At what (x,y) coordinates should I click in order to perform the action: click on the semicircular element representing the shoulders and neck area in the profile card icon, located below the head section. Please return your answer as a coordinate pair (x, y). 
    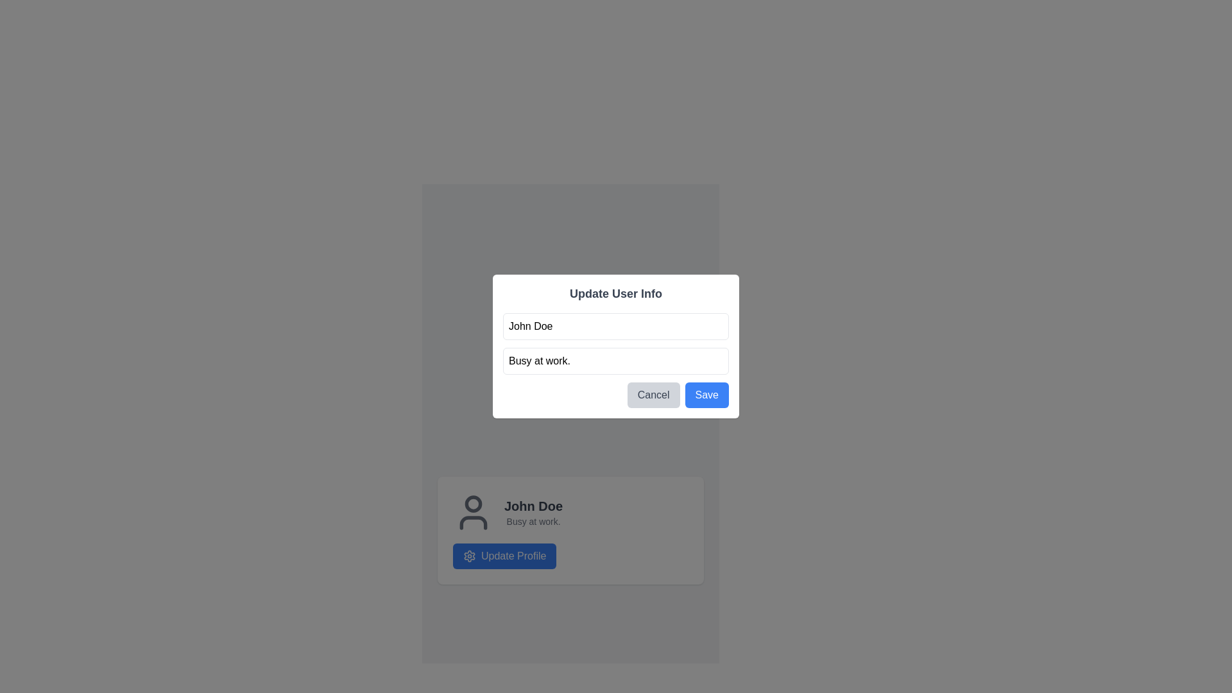
    Looking at the image, I should click on (473, 522).